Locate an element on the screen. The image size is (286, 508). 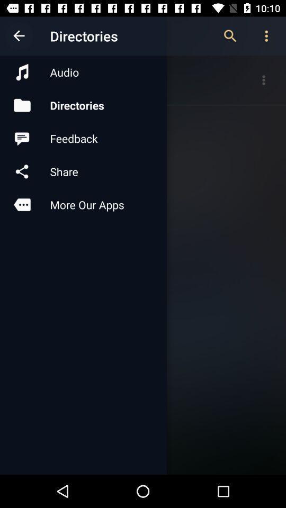
icon below feedback is located at coordinates (83, 171).